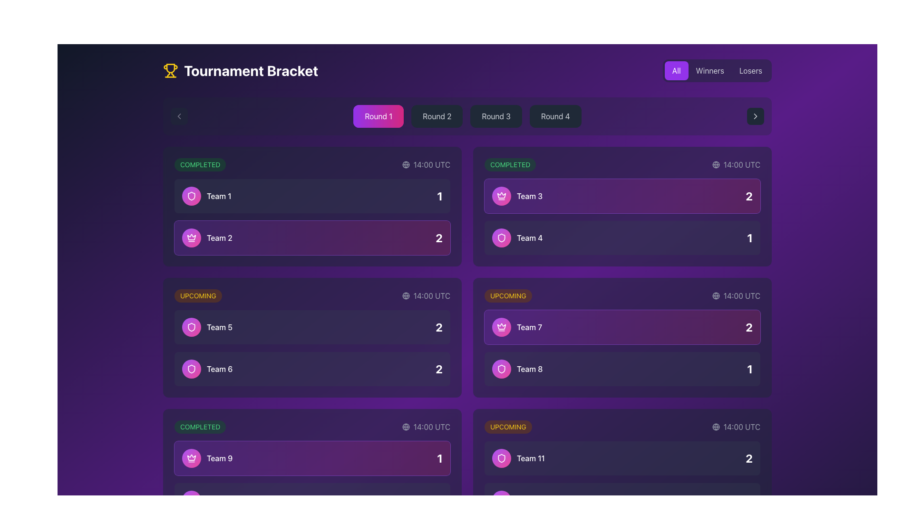 Image resolution: width=913 pixels, height=513 pixels. What do you see at coordinates (622, 457) in the screenshot?
I see `the List item representing 'Team 11', which displays their score of 2, located in the bottom section of the vertical stack on the right side, specifically the fifth item below 'Team 7'` at bounding box center [622, 457].